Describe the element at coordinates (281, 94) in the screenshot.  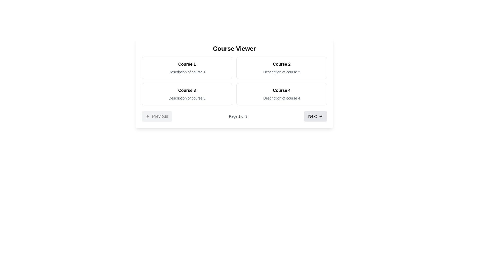
I see `the course card displaying information about a course, located in the bottom-right of a 2x2 grid layout, which is the fourth card below 'Course 2' and to the right of 'Course 3'` at that location.